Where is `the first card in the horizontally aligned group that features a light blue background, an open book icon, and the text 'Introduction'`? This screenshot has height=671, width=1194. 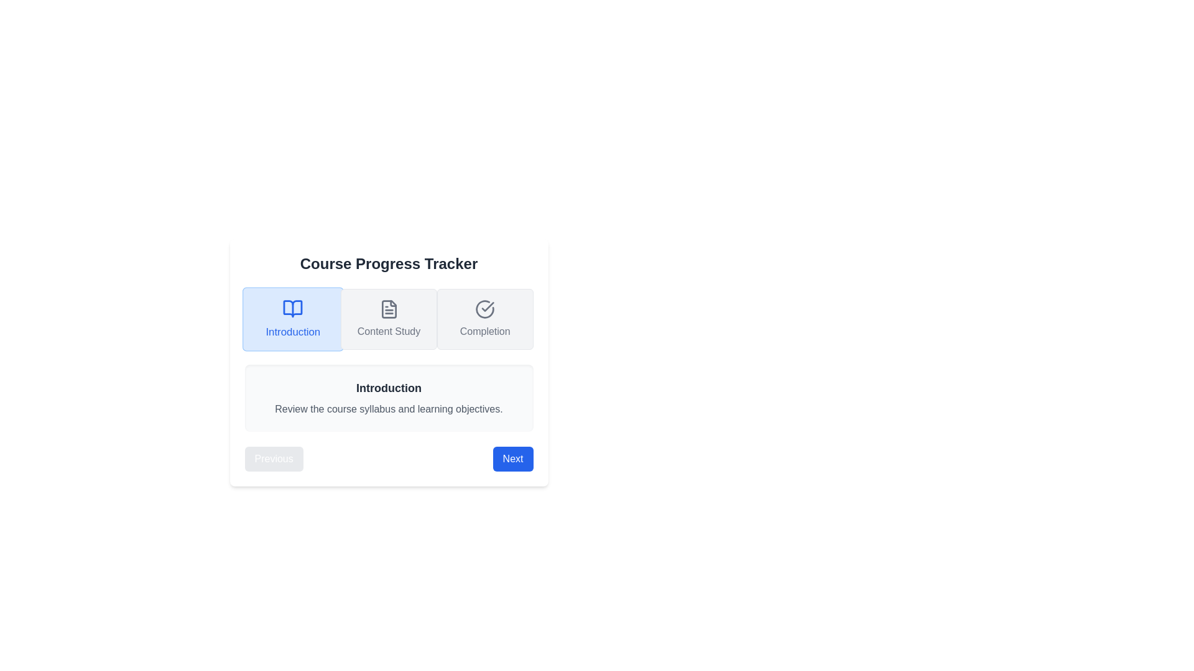 the first card in the horizontally aligned group that features a light blue background, an open book icon, and the text 'Introduction' is located at coordinates (292, 318).